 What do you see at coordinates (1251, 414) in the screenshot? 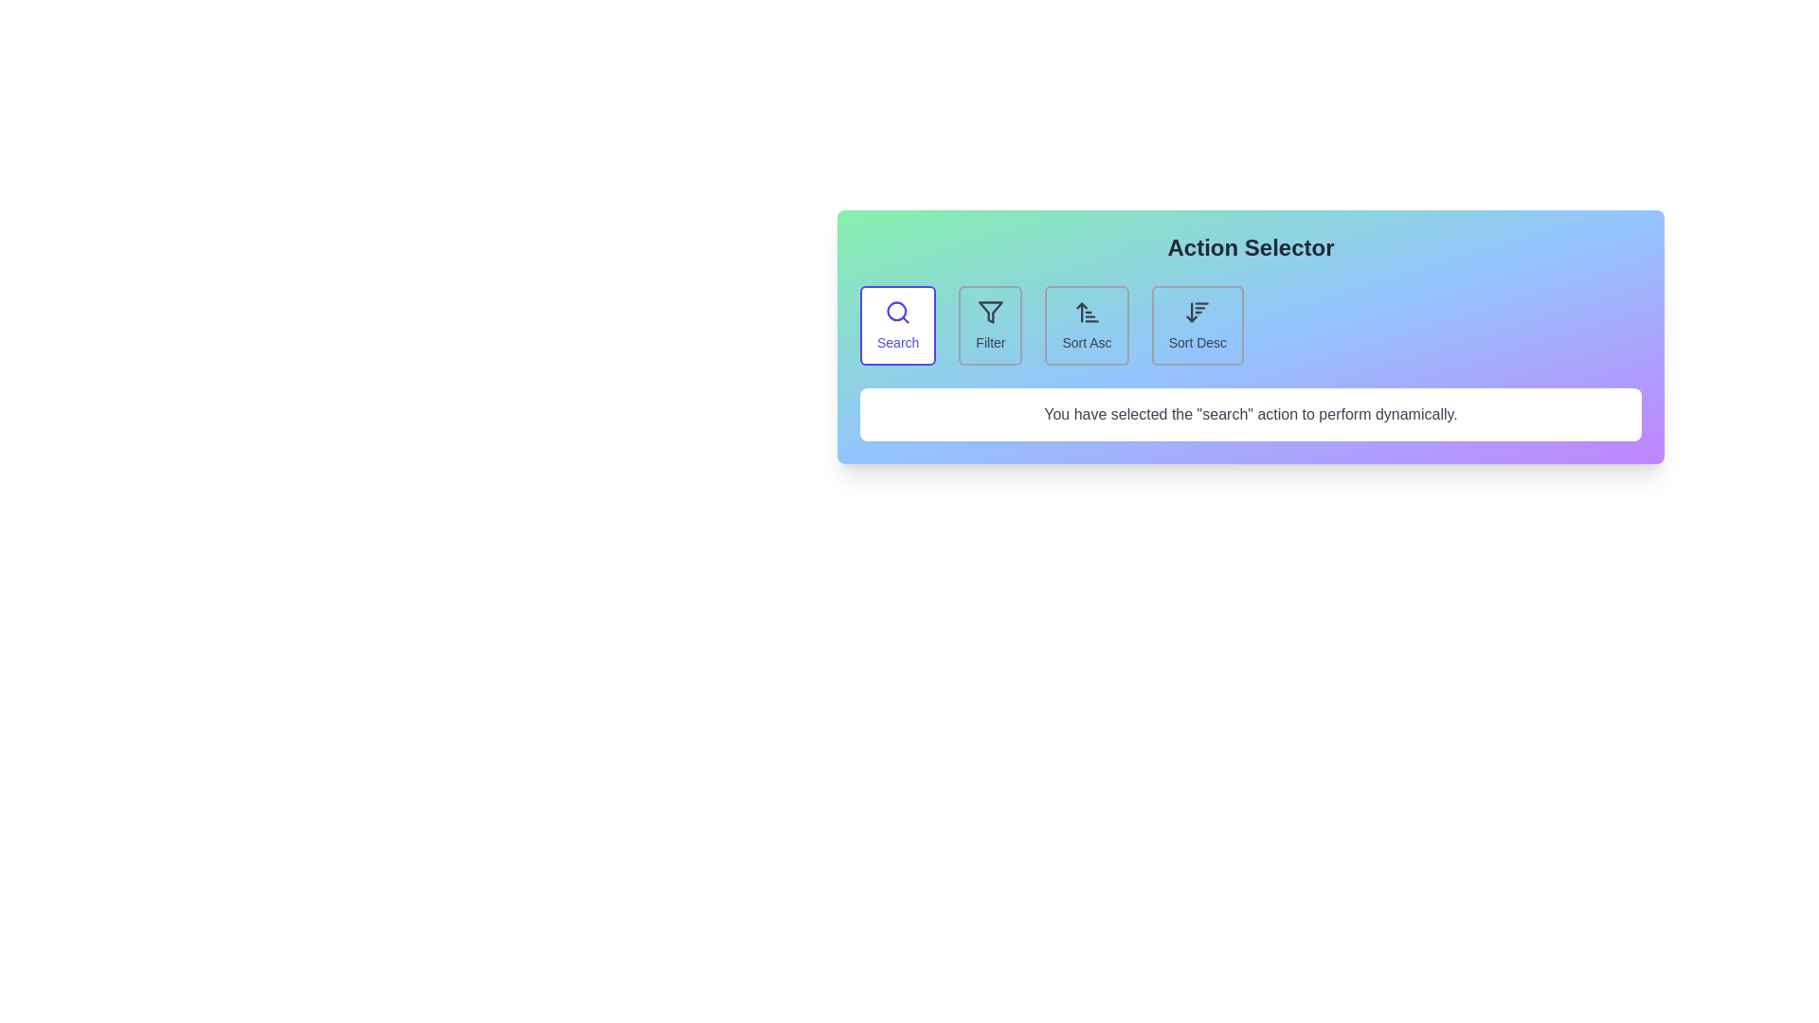
I see `the Text Display Box that contains the message 'You have selected the "search" action to perform dynamically.' located at the bottom of the 'Action Selector' panel` at bounding box center [1251, 414].